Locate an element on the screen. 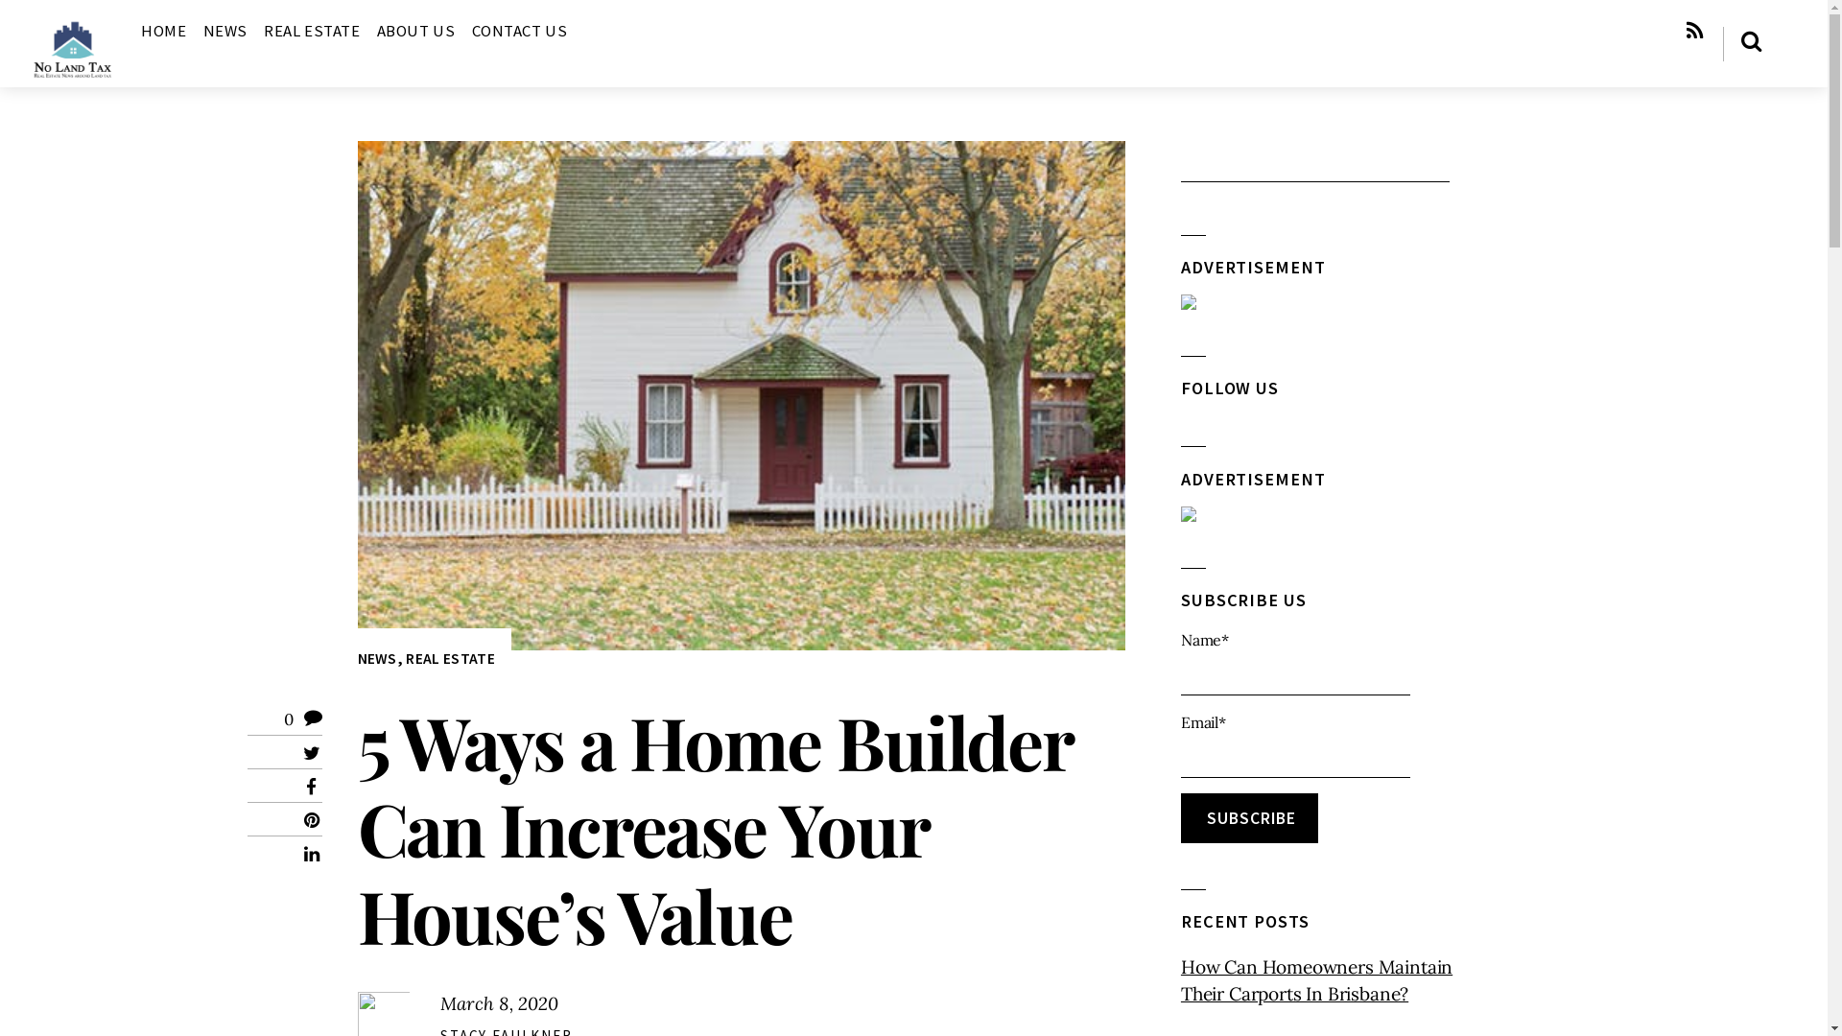 The width and height of the screenshot is (1842, 1036). 'Search' is located at coordinates (1314, 163).